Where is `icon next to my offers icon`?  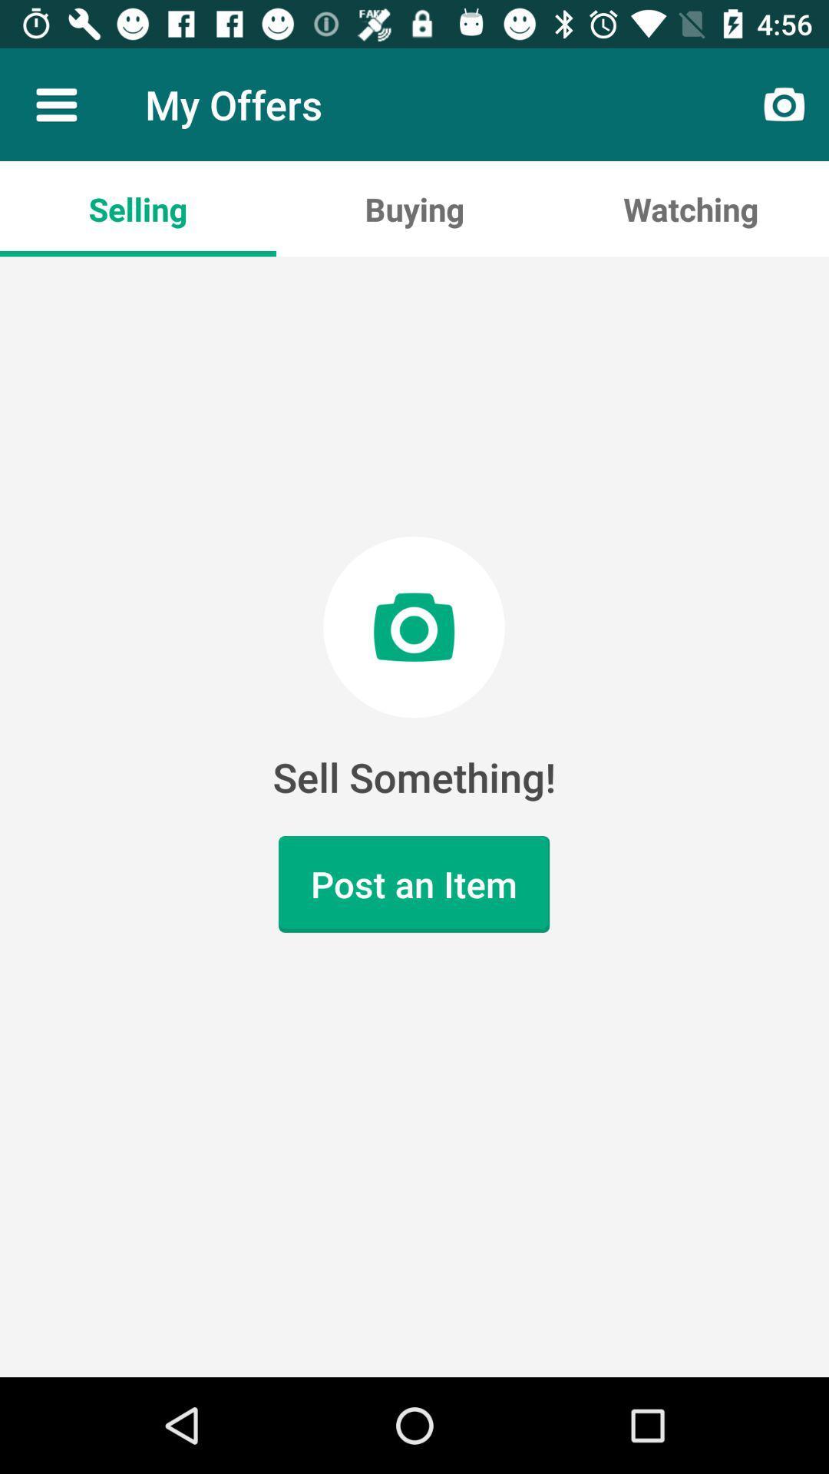
icon next to my offers icon is located at coordinates (55, 104).